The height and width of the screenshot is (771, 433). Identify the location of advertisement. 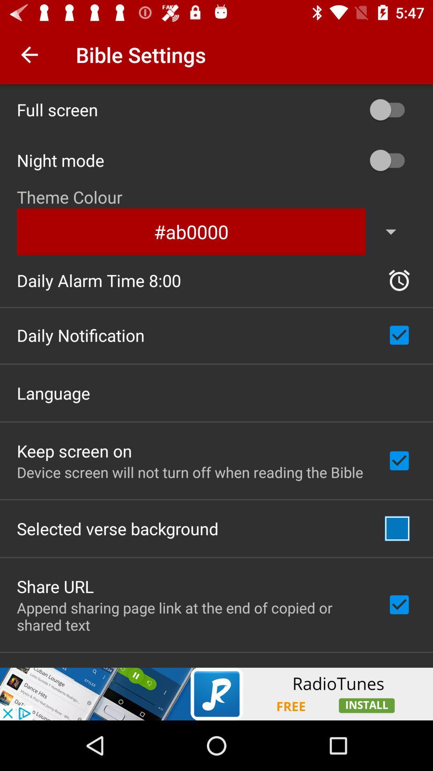
(216, 693).